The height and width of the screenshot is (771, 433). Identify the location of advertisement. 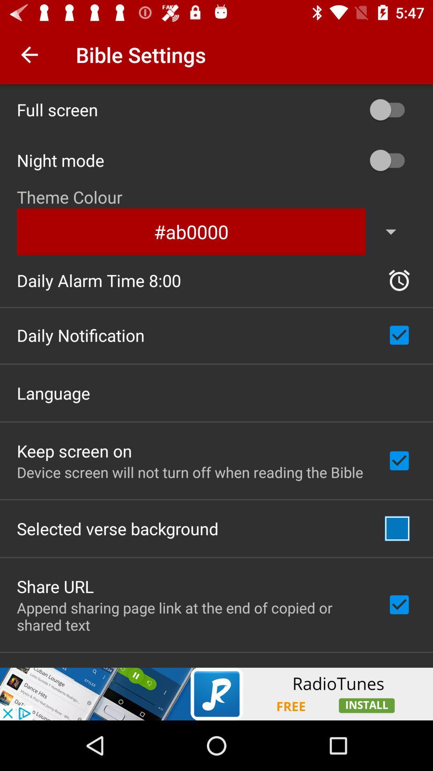
(216, 693).